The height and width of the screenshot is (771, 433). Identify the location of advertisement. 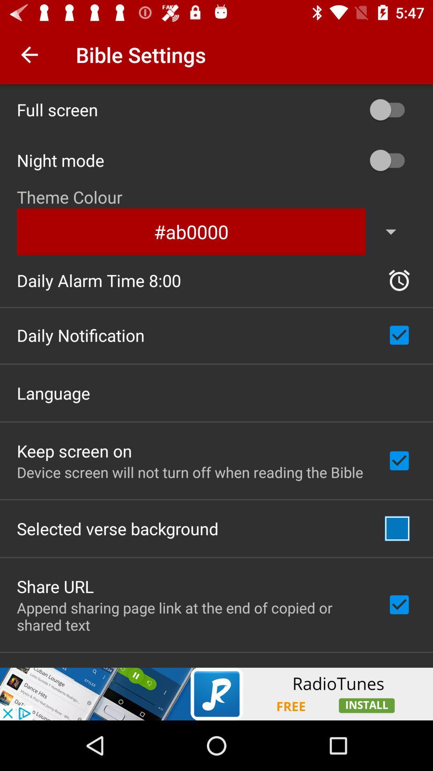
(216, 693).